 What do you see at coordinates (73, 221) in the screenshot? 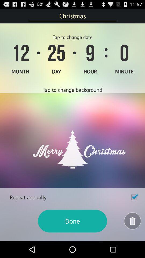
I see `the icon at the bottom` at bounding box center [73, 221].